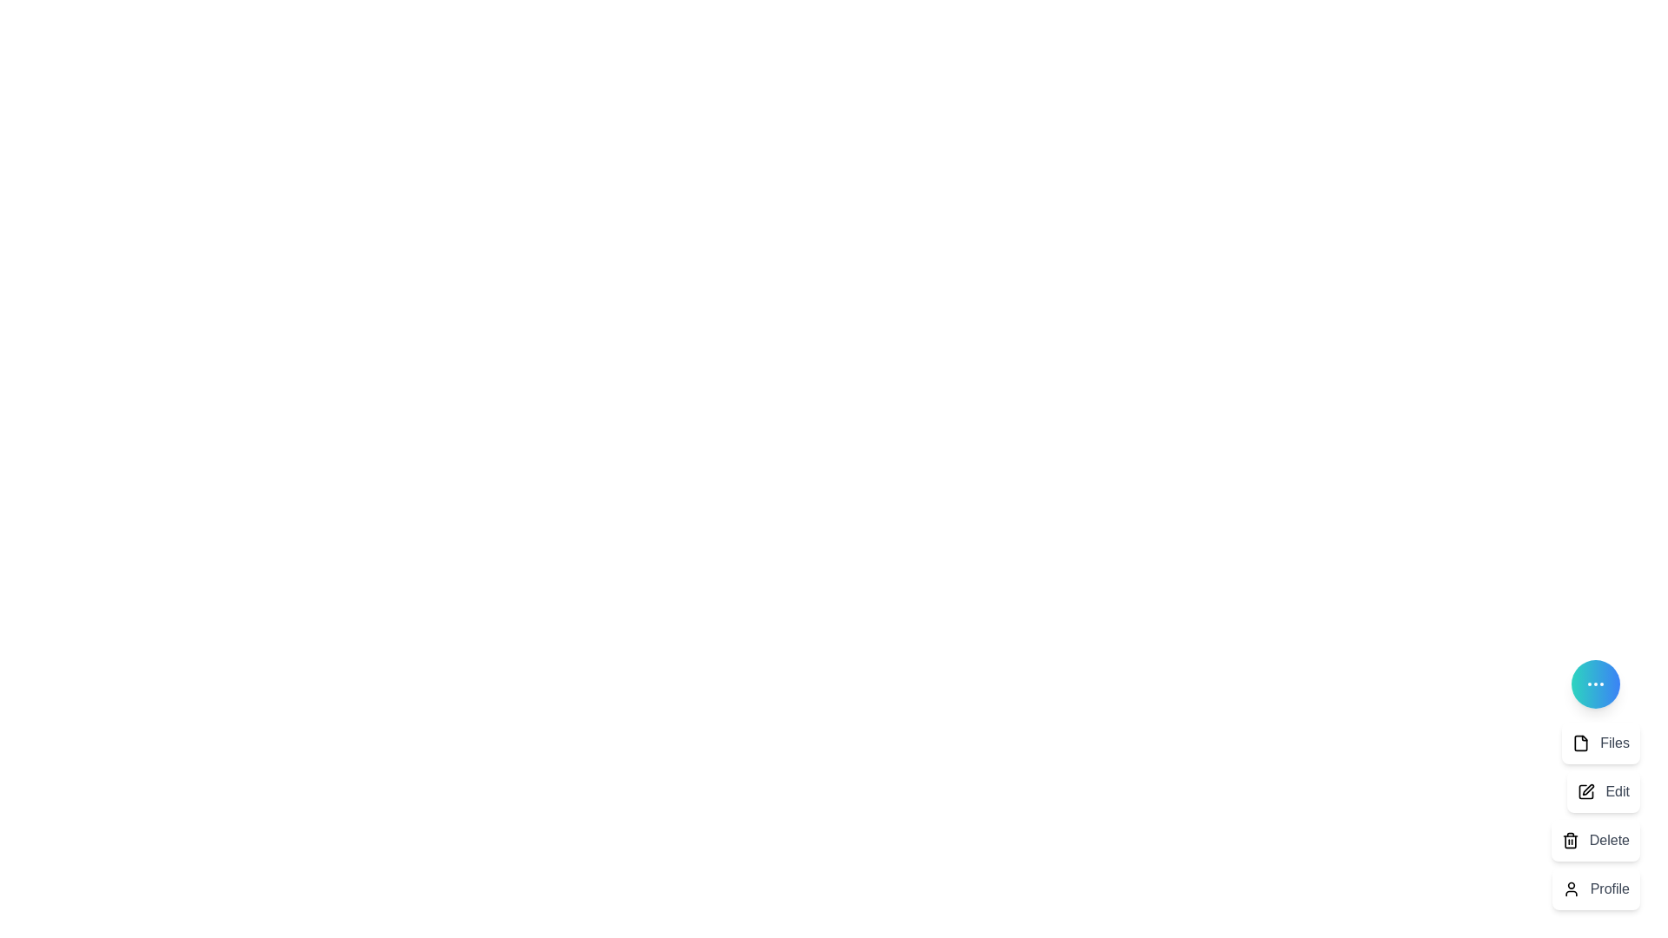 The image size is (1668, 938). Describe the element at coordinates (1595, 840) in the screenshot. I see `the 'Delete' button to perform the delete action` at that location.